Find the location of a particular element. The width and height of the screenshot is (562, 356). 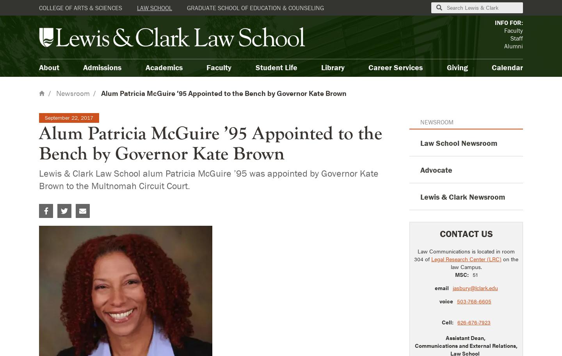

'September 22, 2017' is located at coordinates (68, 117).